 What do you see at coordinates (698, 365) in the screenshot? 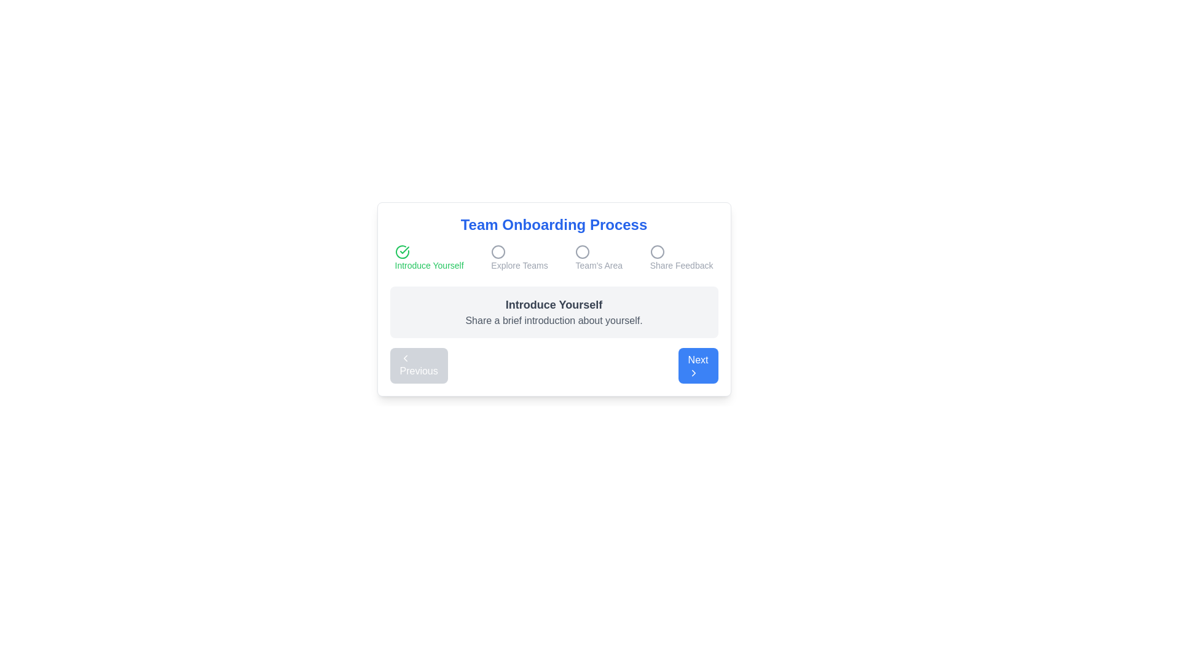
I see `'Next' button to proceed to the next step in the onboarding process` at bounding box center [698, 365].